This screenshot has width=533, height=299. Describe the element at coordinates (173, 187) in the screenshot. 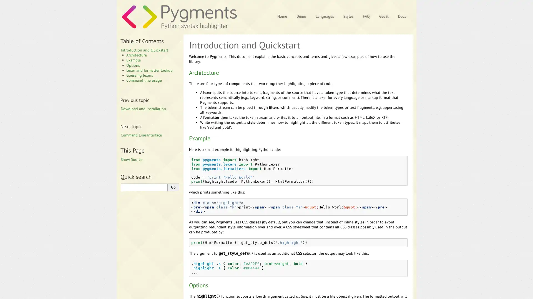

I see `Go` at that location.